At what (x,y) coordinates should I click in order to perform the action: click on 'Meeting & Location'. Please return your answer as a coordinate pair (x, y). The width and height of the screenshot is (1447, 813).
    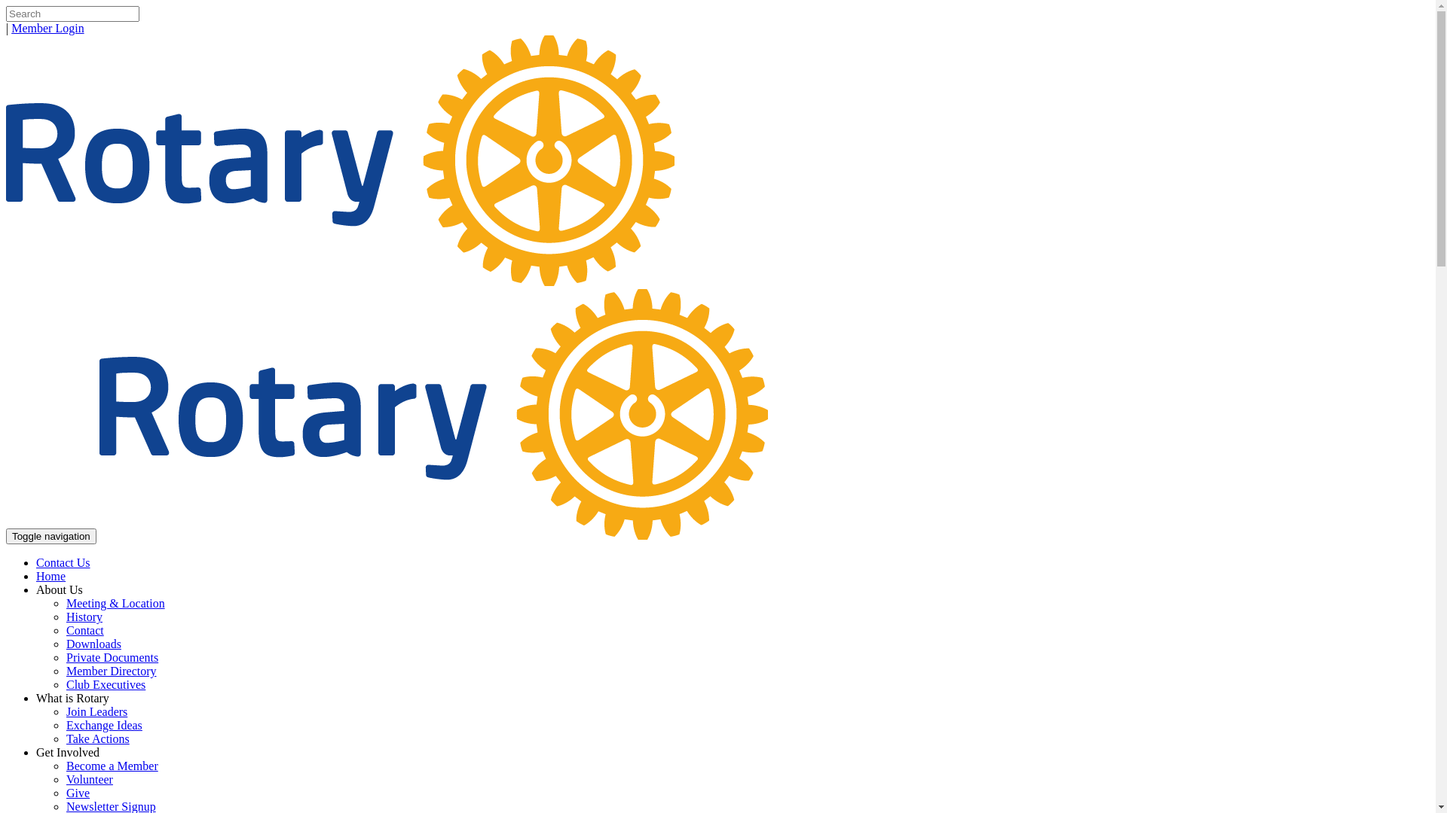
    Looking at the image, I should click on (65, 602).